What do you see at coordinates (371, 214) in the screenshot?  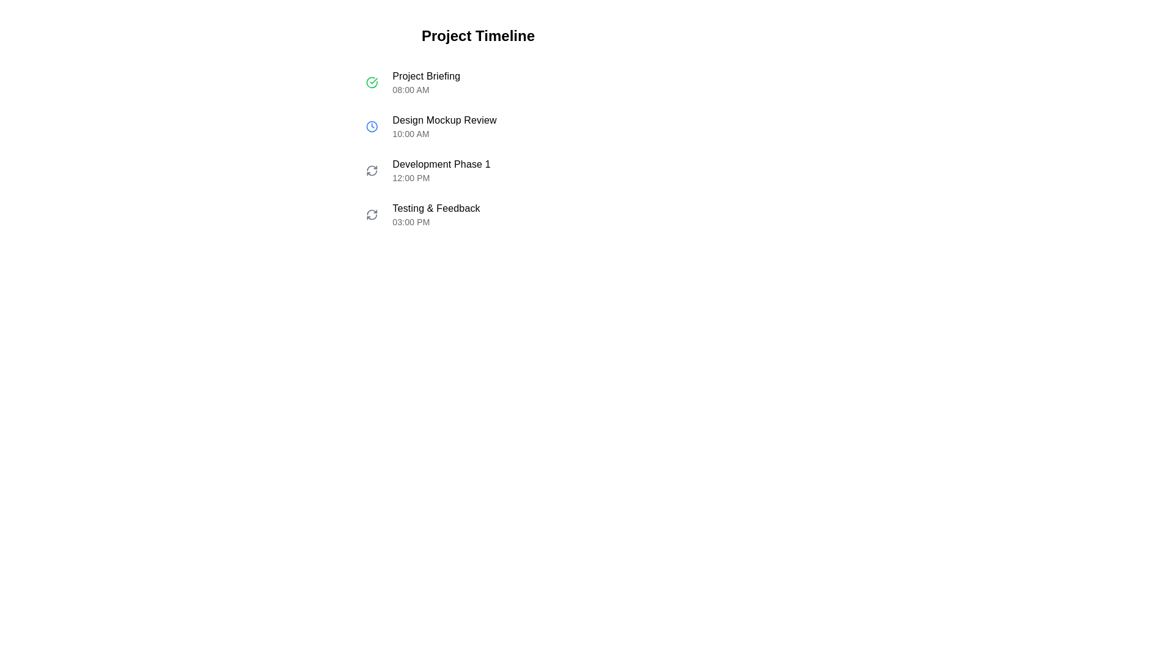 I see `the circular refresh icon featuring two arrows, located in the list item labeled 'Testing & Feedback 03:00 PM'` at bounding box center [371, 214].